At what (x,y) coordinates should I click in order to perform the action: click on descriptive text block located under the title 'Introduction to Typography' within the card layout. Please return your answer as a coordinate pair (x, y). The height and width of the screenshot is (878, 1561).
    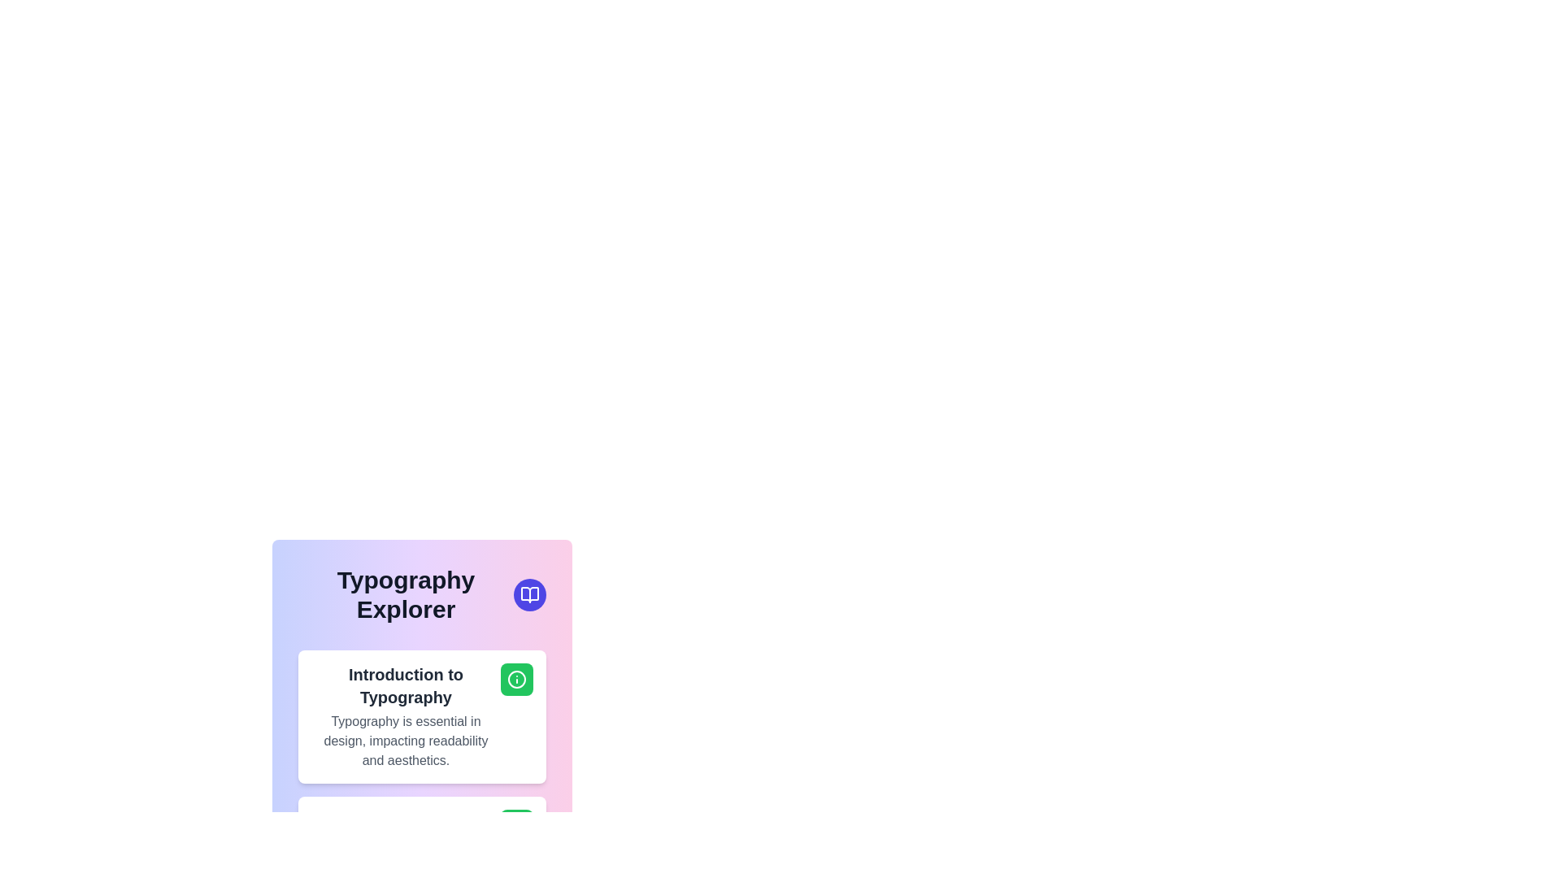
    Looking at the image, I should click on (406, 741).